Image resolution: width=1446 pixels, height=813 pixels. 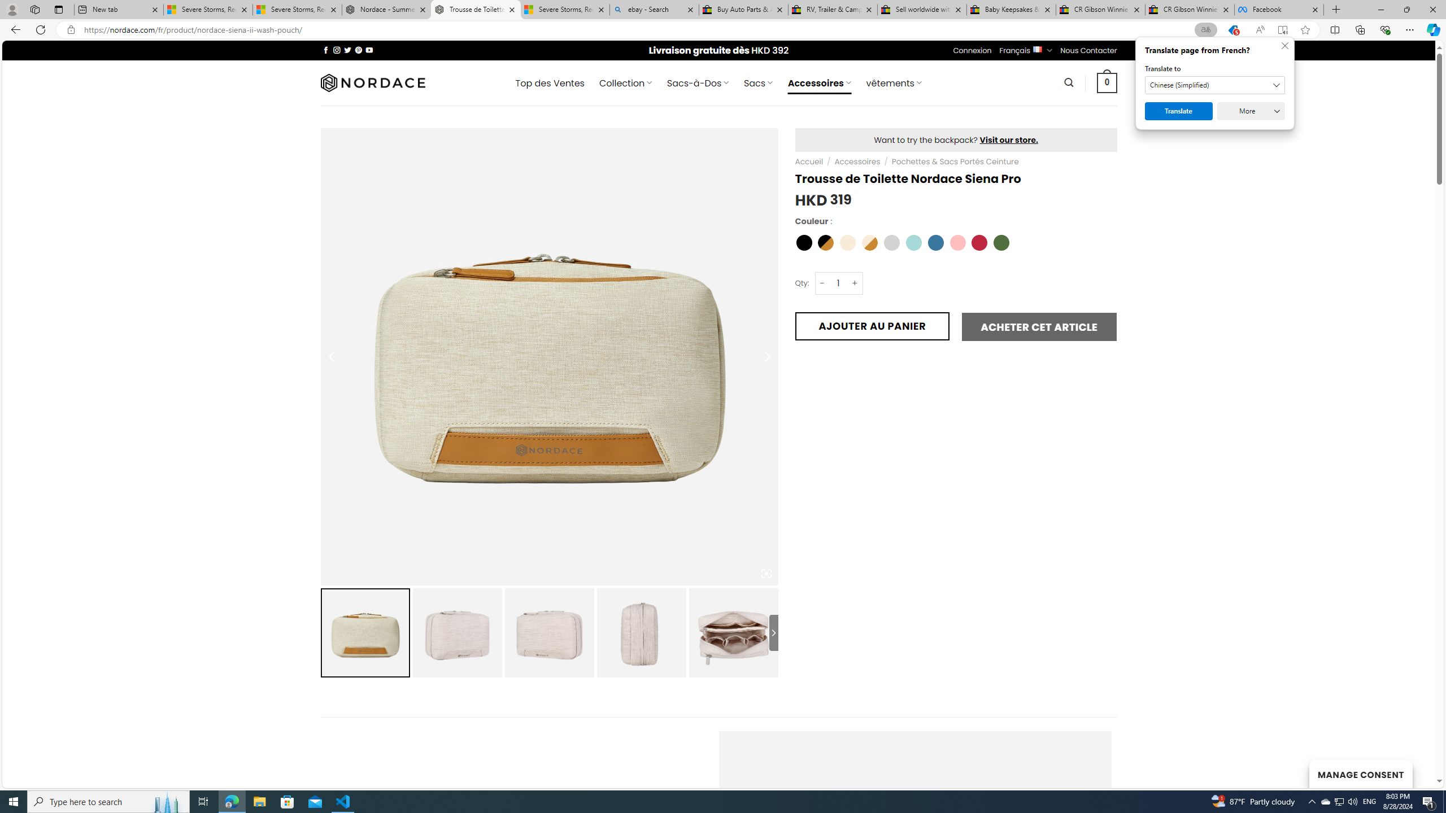 I want to click on 'Translate to', so click(x=1215, y=85).